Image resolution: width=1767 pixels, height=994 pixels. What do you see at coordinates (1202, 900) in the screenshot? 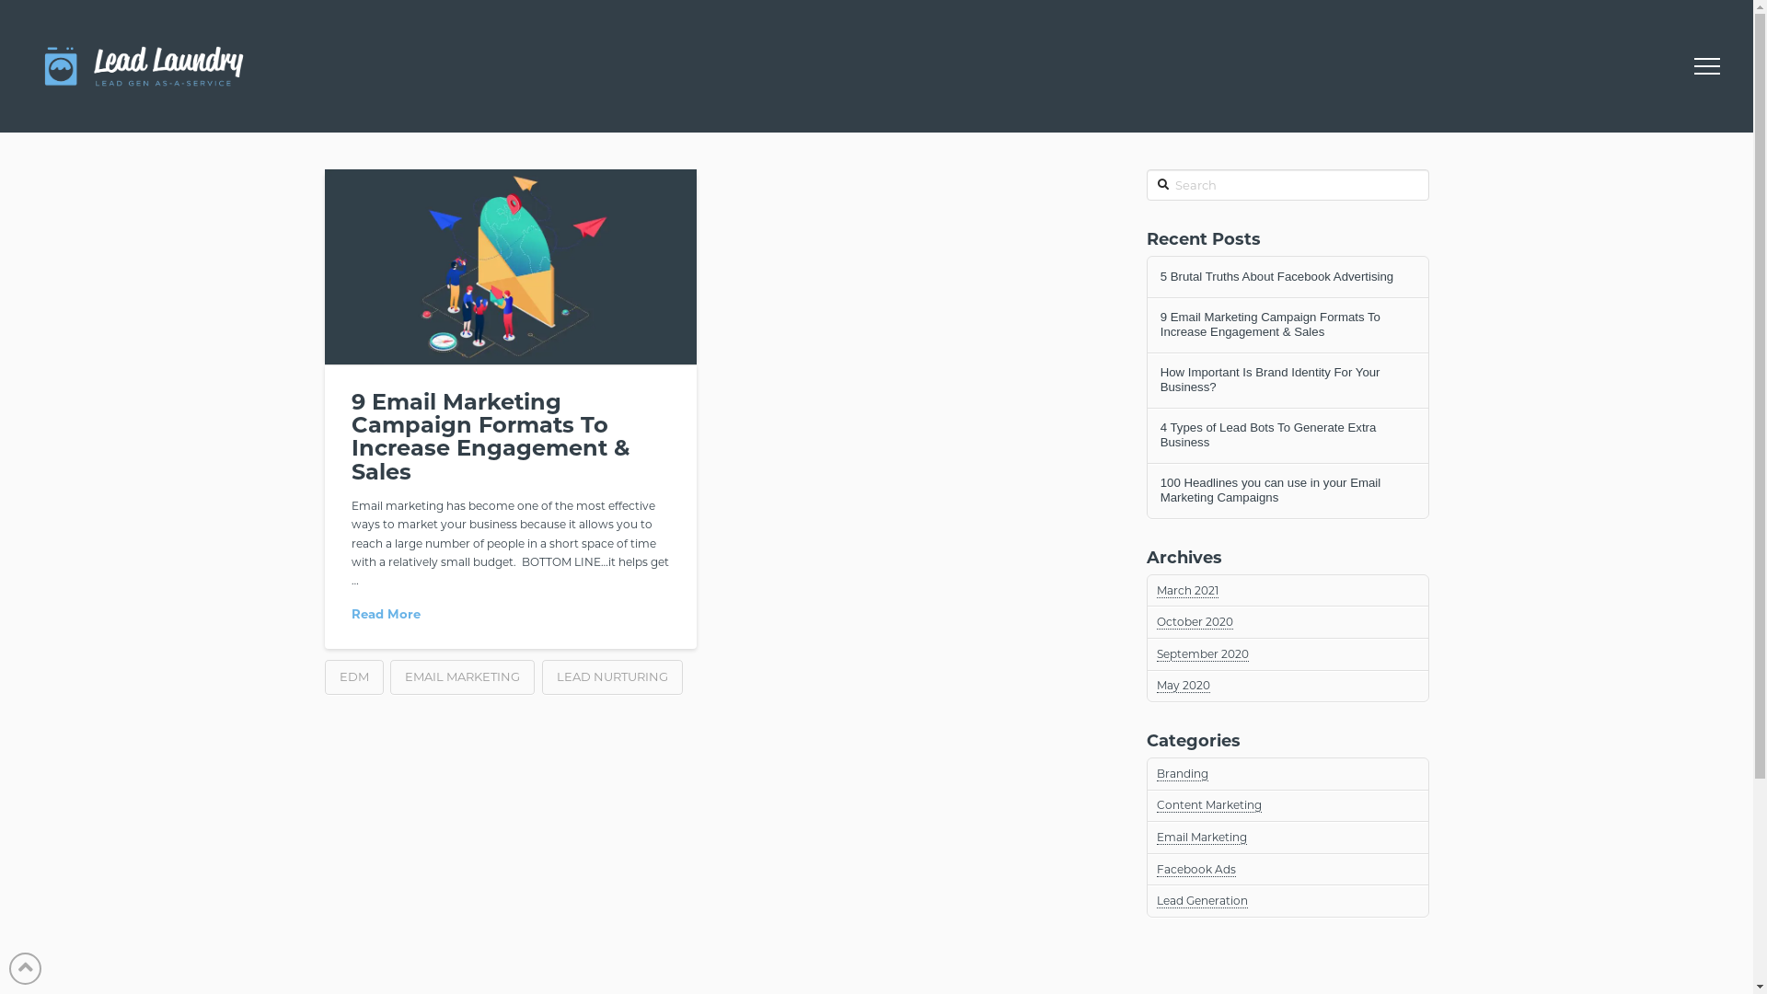
I see `'Lead Generation'` at bounding box center [1202, 900].